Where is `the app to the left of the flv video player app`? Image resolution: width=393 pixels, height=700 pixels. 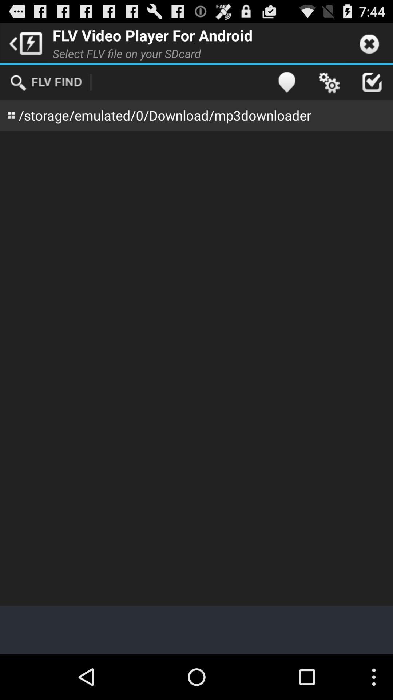
the app to the left of the flv video player app is located at coordinates (23, 42).